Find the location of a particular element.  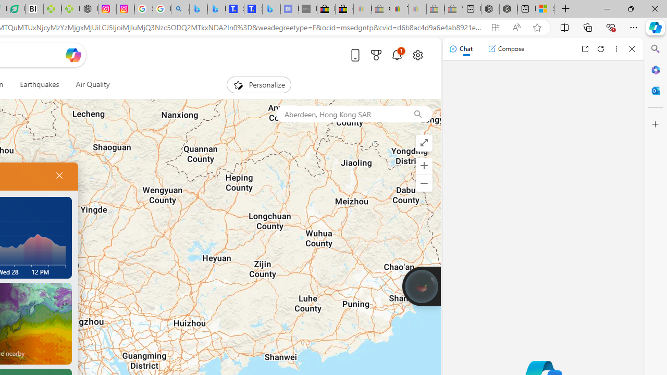

'Threats and offensive language policy | eBay' is located at coordinates (399, 9).